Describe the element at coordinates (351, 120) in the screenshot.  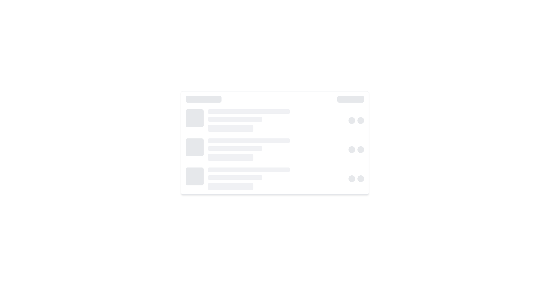
I see `on the leftmost circular status indicator or toggle button with a light gray background located in the middle of the interface` at that location.